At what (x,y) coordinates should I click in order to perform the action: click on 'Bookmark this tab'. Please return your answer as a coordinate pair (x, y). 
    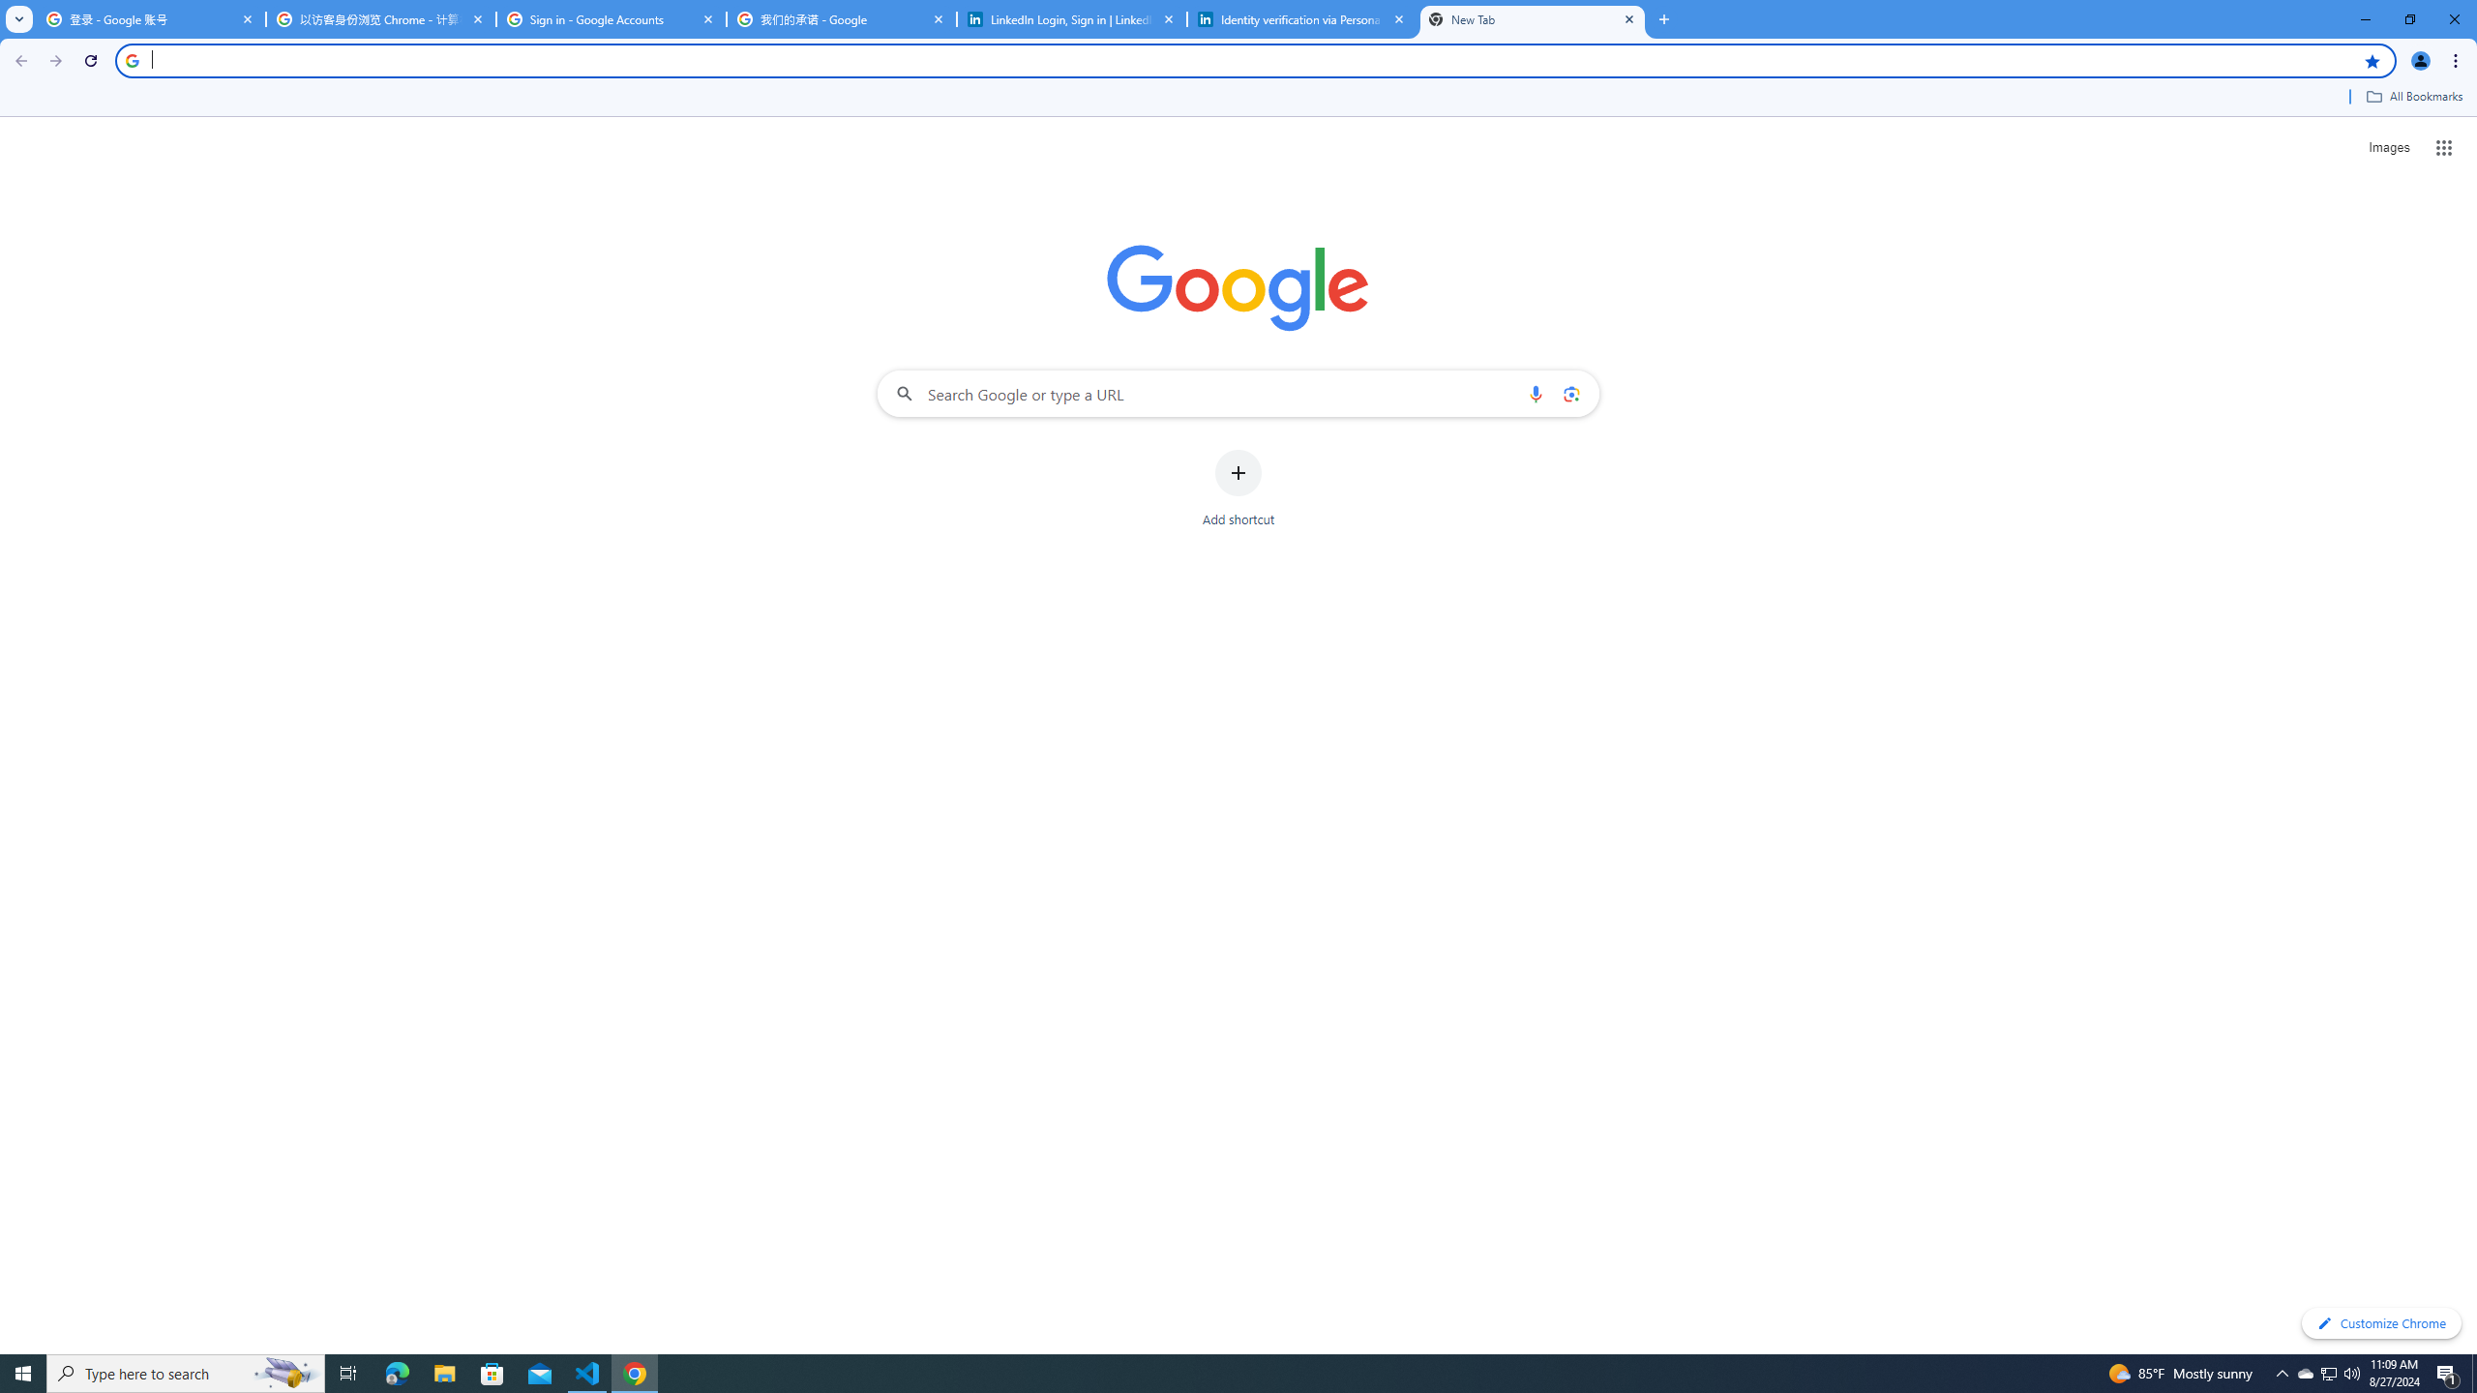
    Looking at the image, I should click on (2371, 59).